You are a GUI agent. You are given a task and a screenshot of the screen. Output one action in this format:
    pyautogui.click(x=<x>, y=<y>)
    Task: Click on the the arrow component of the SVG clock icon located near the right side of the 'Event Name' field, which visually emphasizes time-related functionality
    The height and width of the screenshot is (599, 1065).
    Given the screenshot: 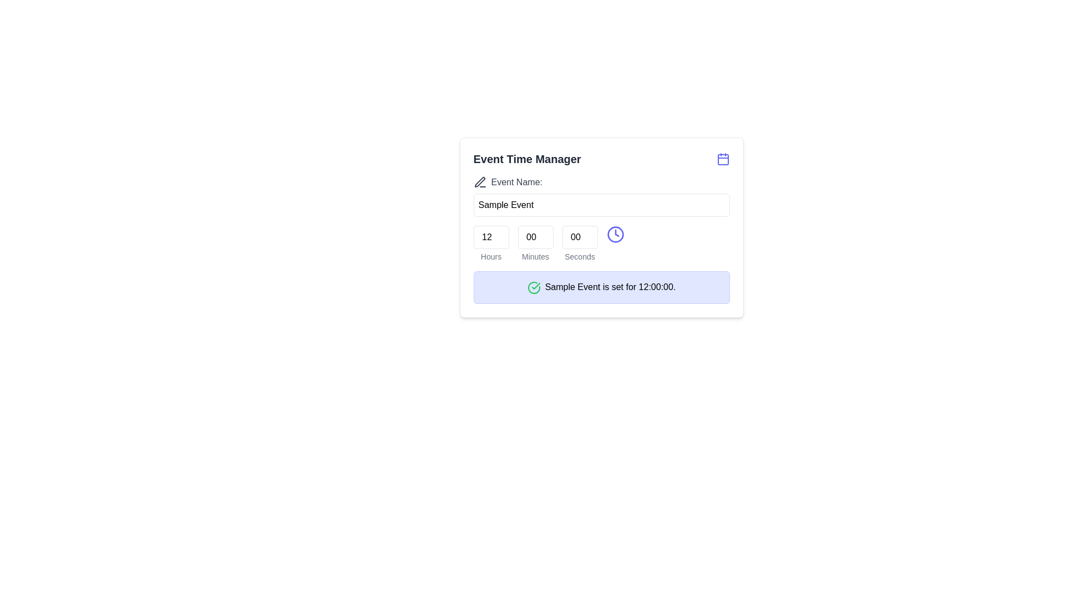 What is the action you would take?
    pyautogui.click(x=616, y=232)
    